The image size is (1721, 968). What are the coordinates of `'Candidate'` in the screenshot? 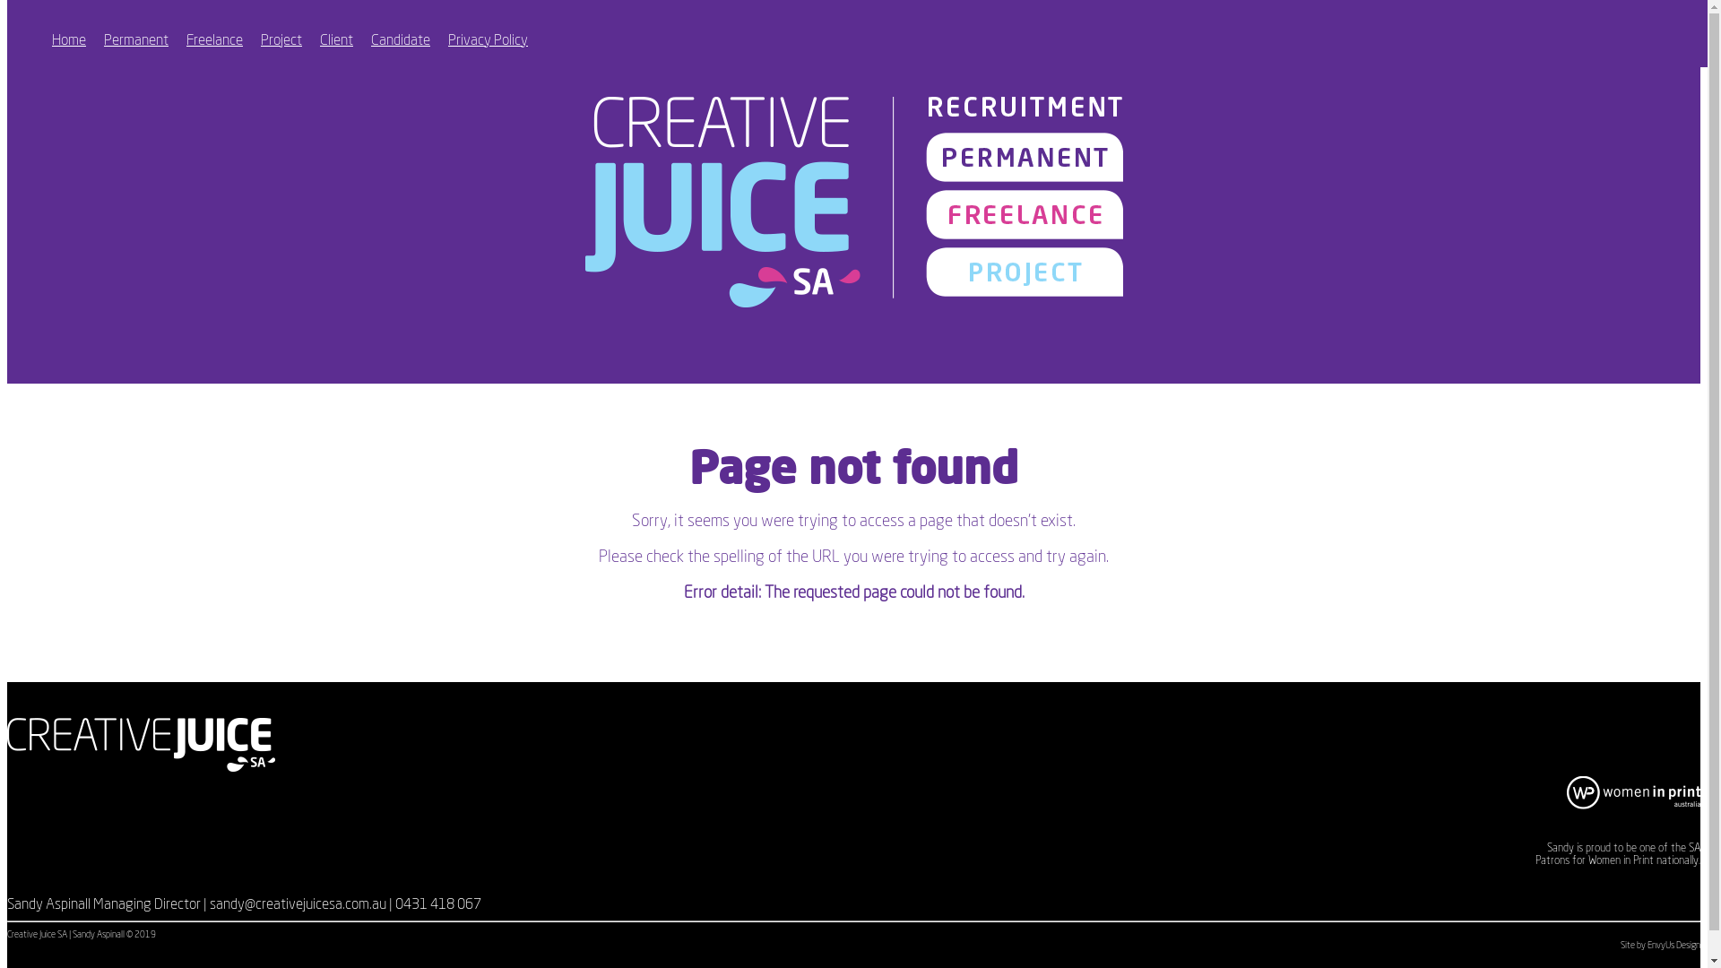 It's located at (399, 40).